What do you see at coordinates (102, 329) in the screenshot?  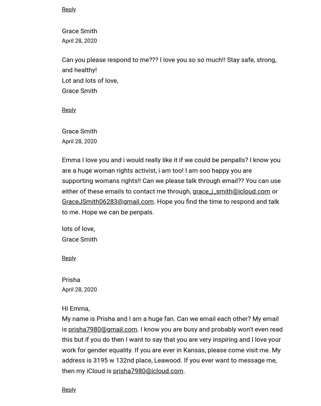 I see `'prisha7980@gmail.com'` at bounding box center [102, 329].